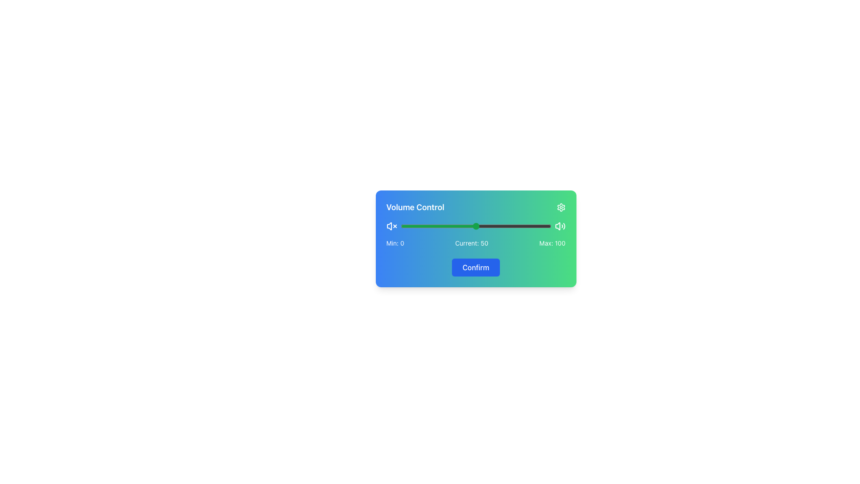  Describe the element at coordinates (516, 226) in the screenshot. I see `the volume` at that location.